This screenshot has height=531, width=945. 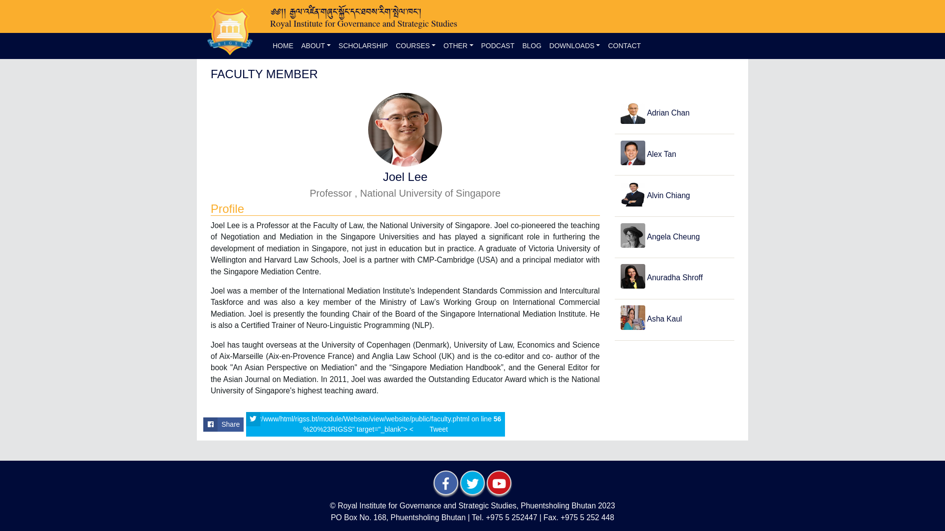 What do you see at coordinates (283, 46) in the screenshot?
I see `'HOME'` at bounding box center [283, 46].